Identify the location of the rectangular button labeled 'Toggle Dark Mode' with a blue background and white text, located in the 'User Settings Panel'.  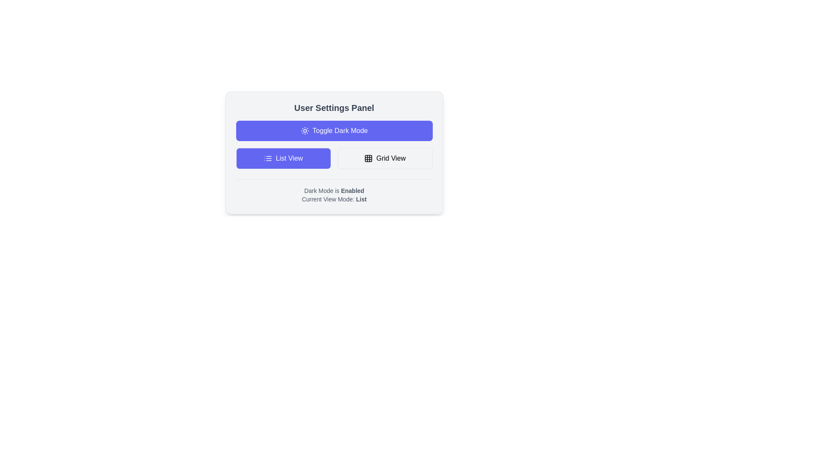
(334, 131).